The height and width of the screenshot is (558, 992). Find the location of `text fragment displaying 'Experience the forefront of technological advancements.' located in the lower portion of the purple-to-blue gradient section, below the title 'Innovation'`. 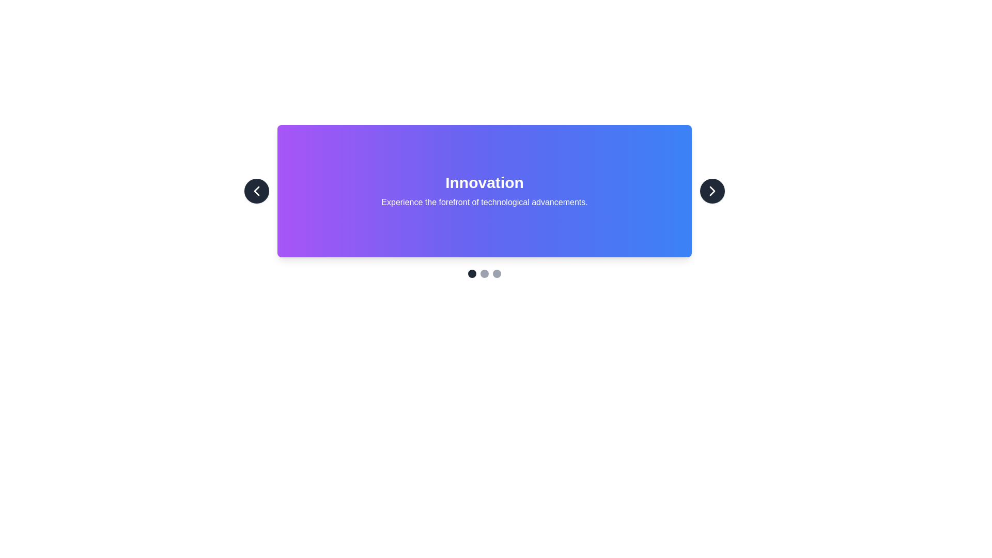

text fragment displaying 'Experience the forefront of technological advancements.' located in the lower portion of the purple-to-blue gradient section, below the title 'Innovation' is located at coordinates (484, 203).